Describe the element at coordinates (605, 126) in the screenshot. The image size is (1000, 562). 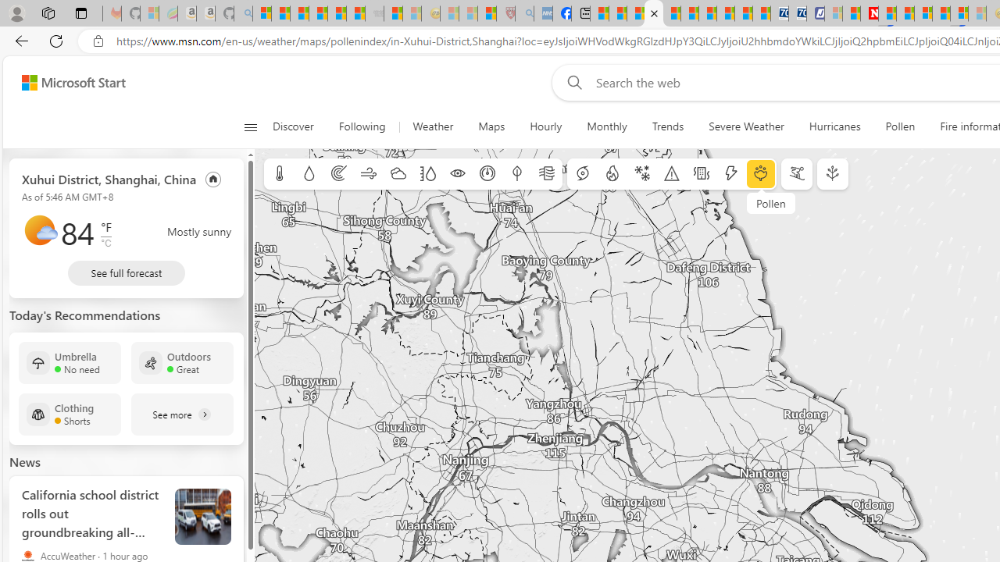
I see `'Monthly'` at that location.